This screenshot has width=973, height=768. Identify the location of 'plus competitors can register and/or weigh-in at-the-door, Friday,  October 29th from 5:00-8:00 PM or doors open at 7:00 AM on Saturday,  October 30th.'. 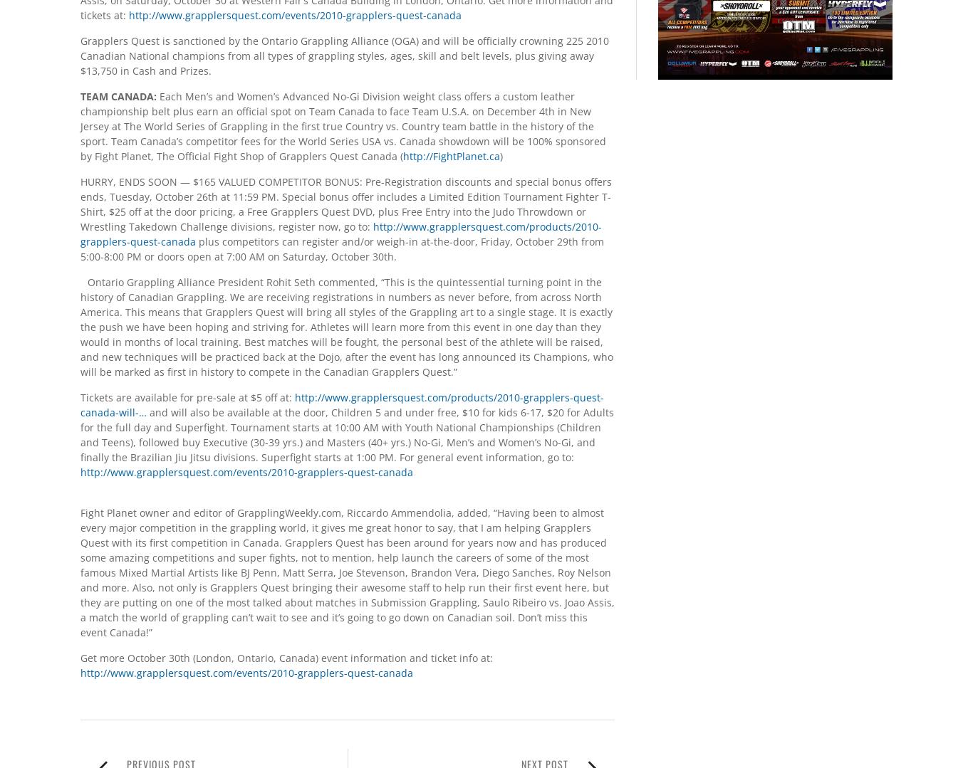
(342, 248).